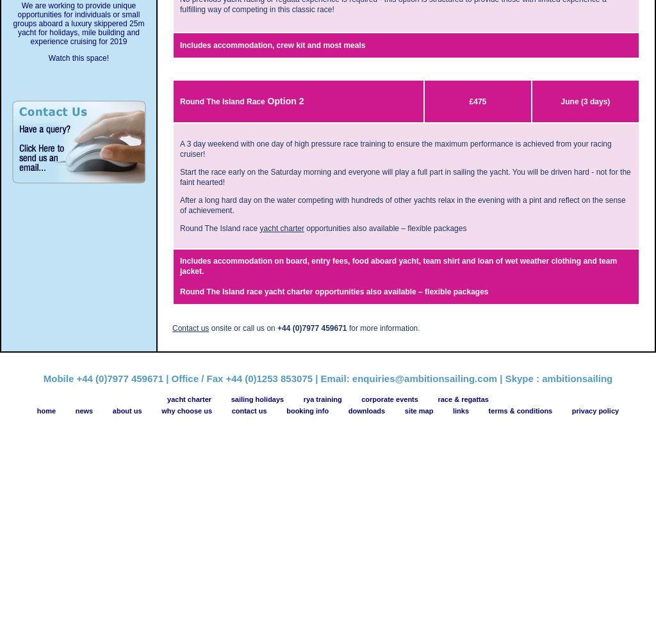 The image size is (656, 640). What do you see at coordinates (463, 398) in the screenshot?
I see `'race & regattas'` at bounding box center [463, 398].